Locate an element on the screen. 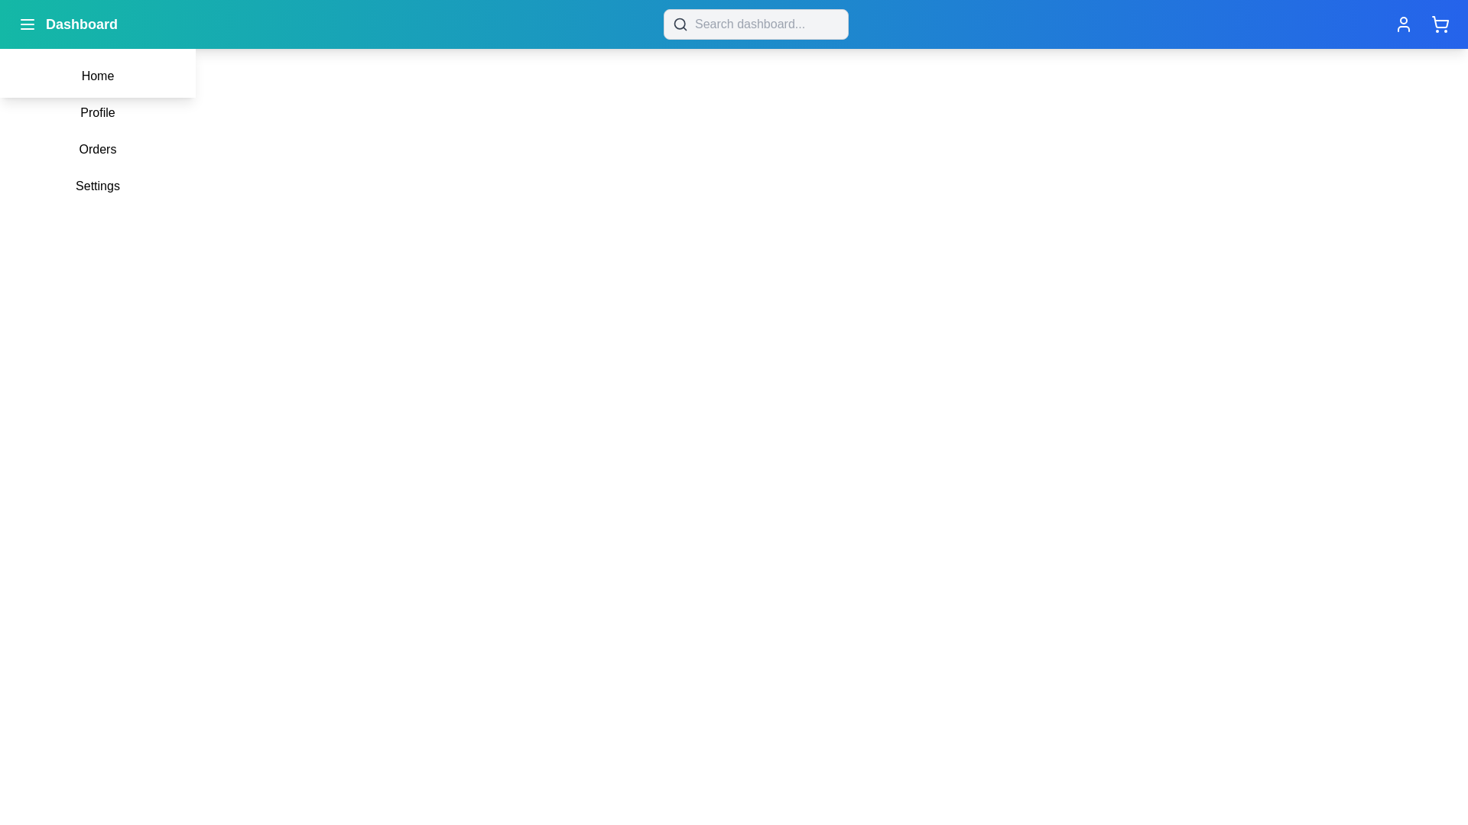 This screenshot has height=825, width=1468. the third Menu Item in the navigation list is located at coordinates (97, 150).